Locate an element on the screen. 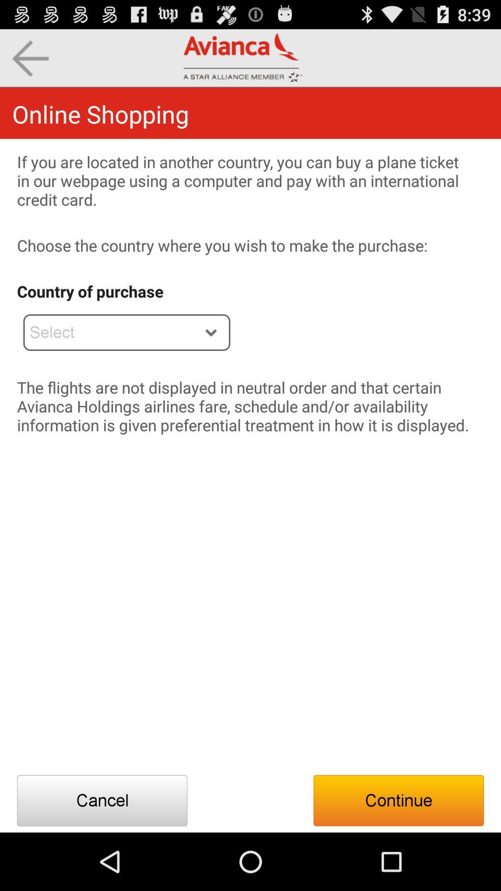 The image size is (501, 891). button to the right of cancel icon is located at coordinates (398, 800).